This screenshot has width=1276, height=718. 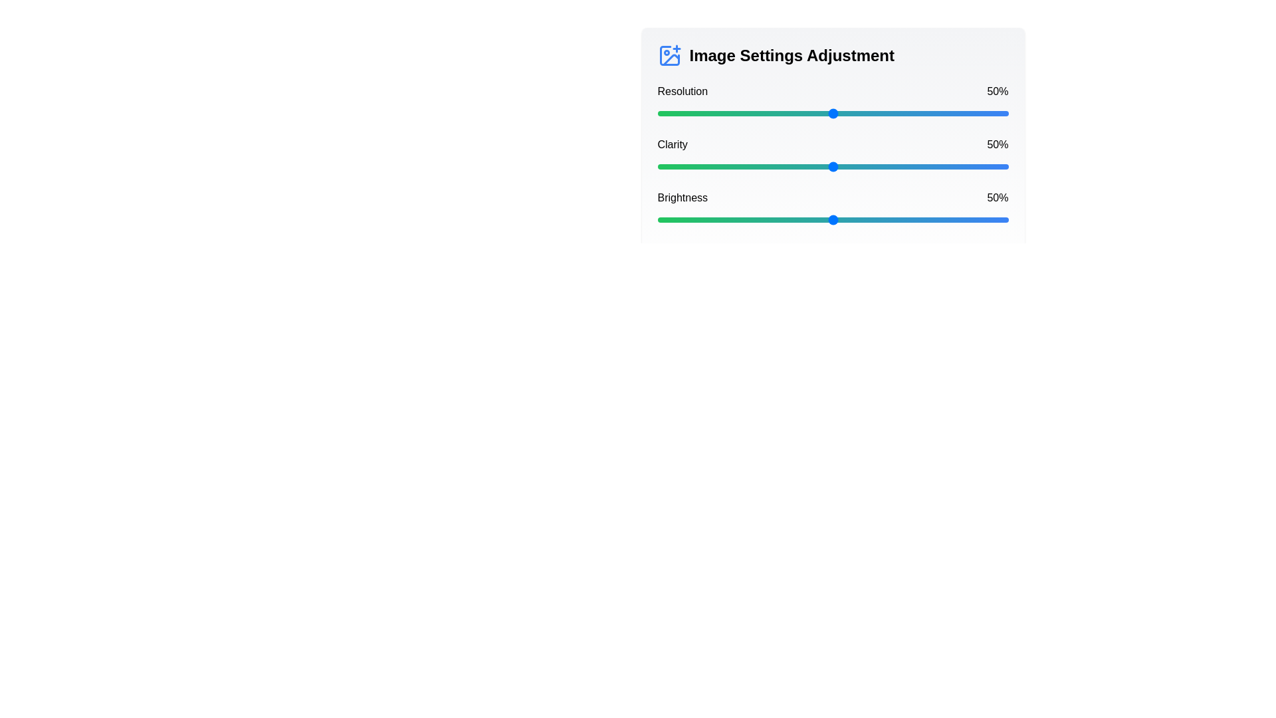 I want to click on the resolution slider to 16%, so click(x=713, y=112).